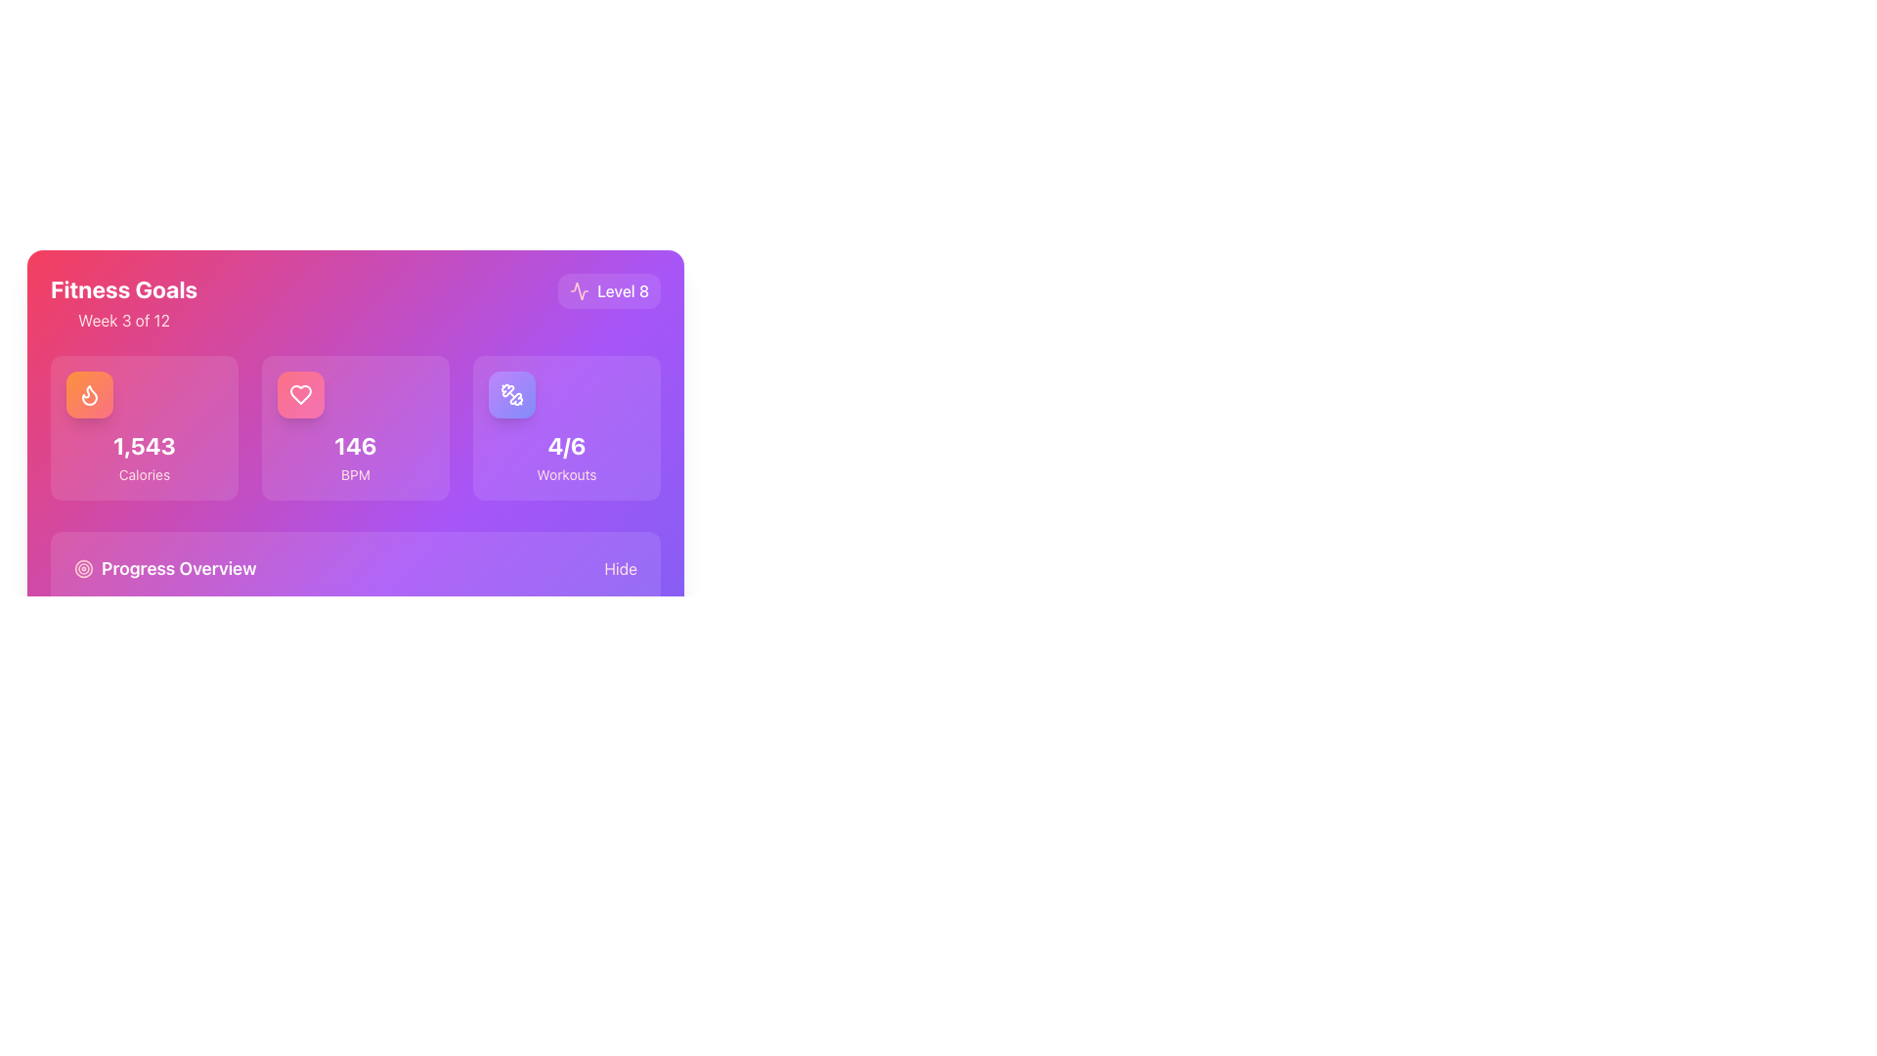  I want to click on the flame-shaped icon with a white outline located in the top-left card of the dashboard, above the text 'Calories' and the value '1,543', so click(88, 395).